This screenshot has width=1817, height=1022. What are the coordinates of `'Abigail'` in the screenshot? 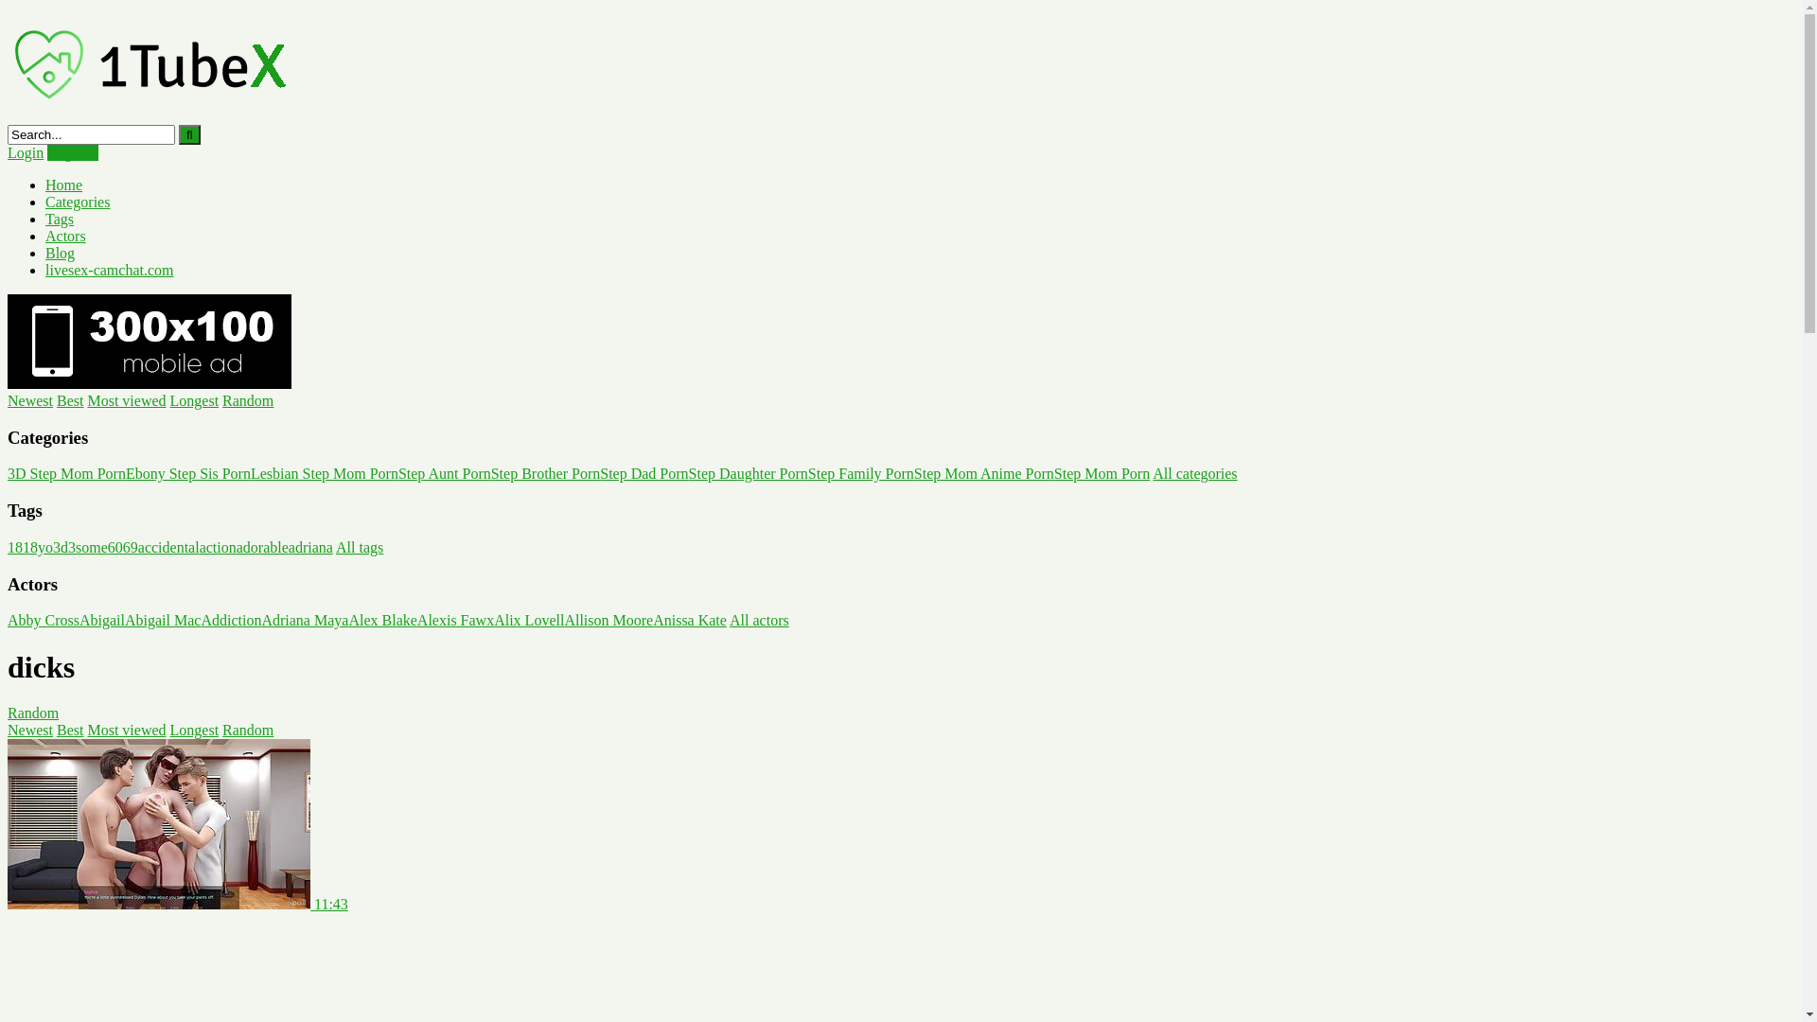 It's located at (101, 620).